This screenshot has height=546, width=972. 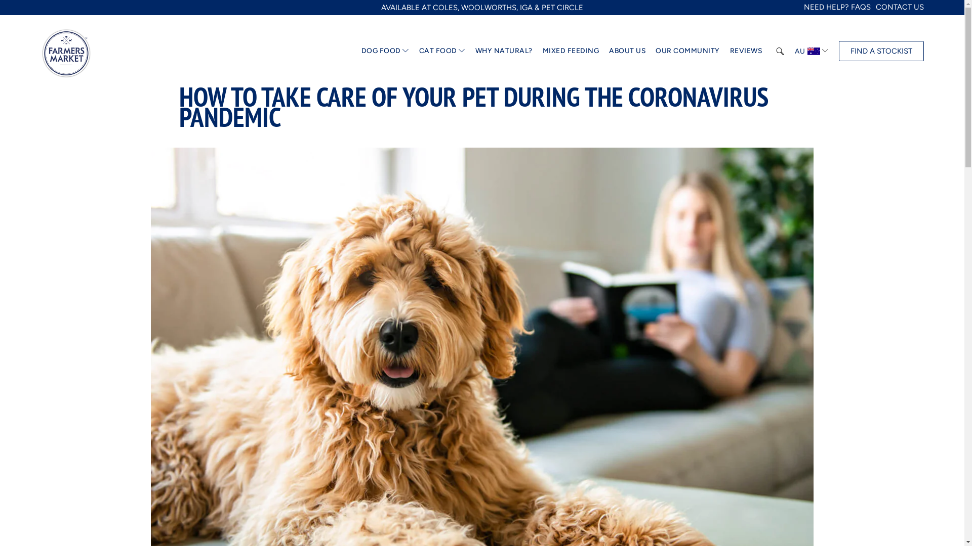 What do you see at coordinates (837, 7) in the screenshot?
I see `'NEED HELP? FAQS'` at bounding box center [837, 7].